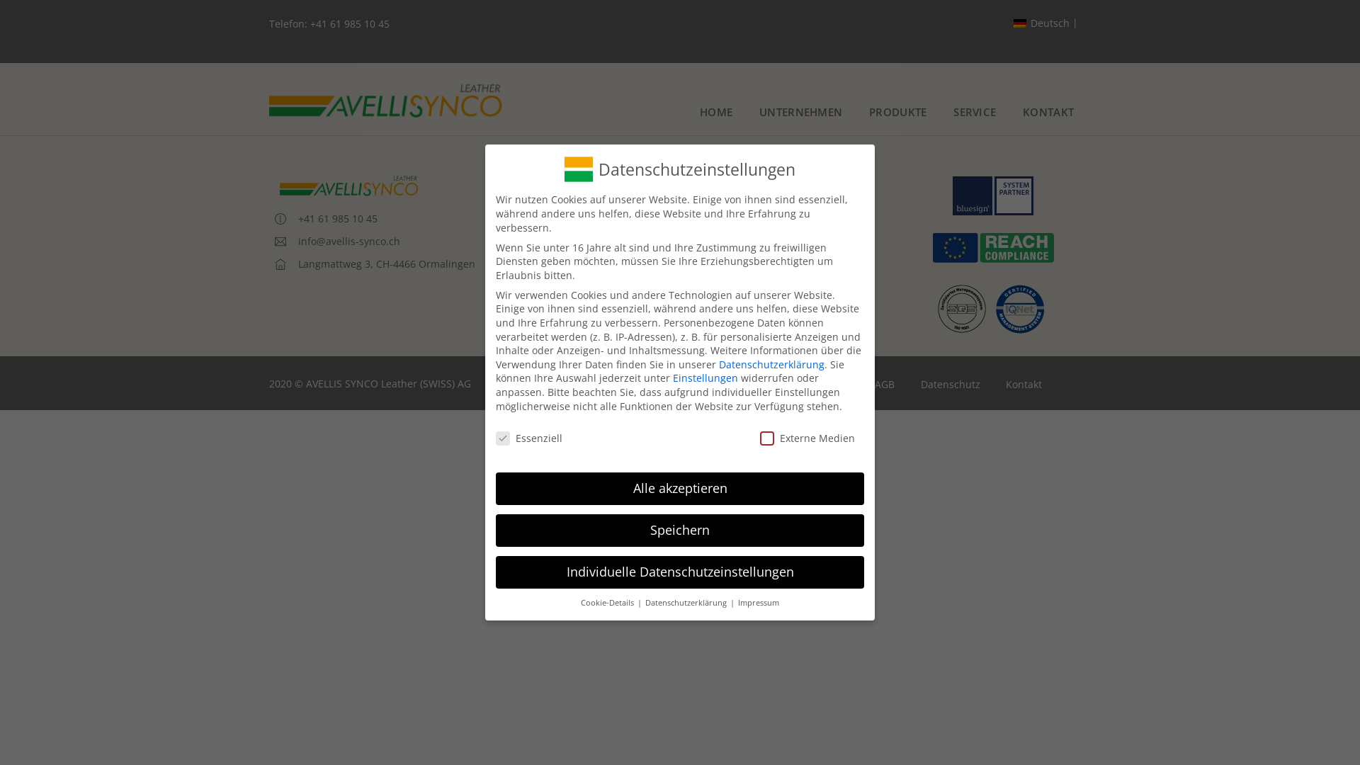  I want to click on 'UNTERNEHMEN', so click(800, 111).